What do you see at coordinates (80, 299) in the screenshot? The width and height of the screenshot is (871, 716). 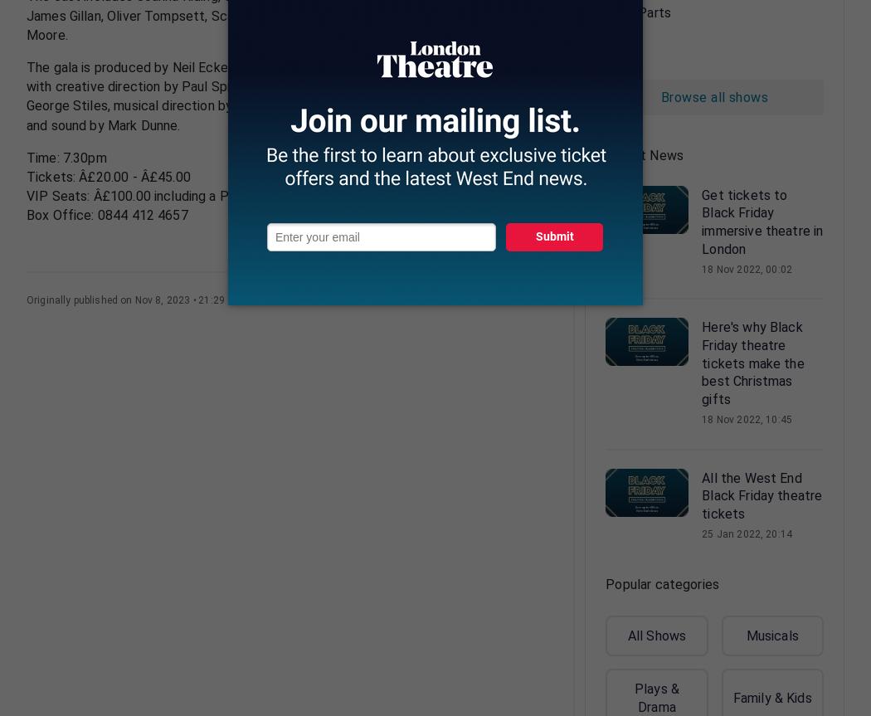 I see `'Originally published on'` at bounding box center [80, 299].